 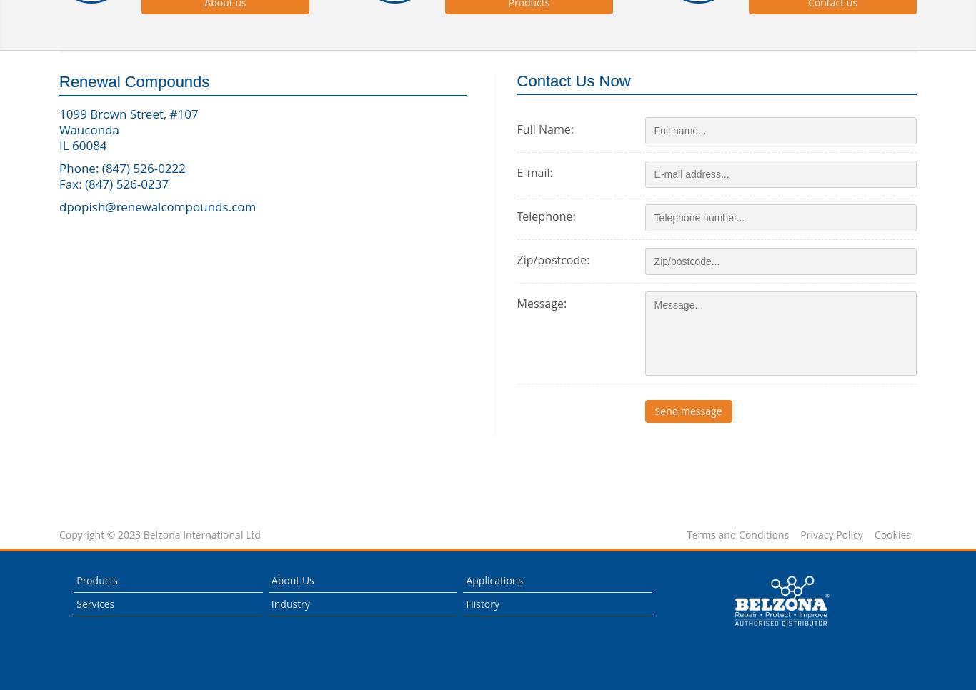 I want to click on 'Privacy Policy', so click(x=831, y=534).